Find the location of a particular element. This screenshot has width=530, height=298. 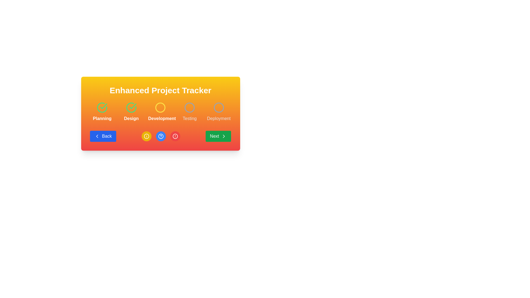

the checkmark icon in the 'Design' section, which represents a positive confirmation or successful action indicator is located at coordinates (104, 106).